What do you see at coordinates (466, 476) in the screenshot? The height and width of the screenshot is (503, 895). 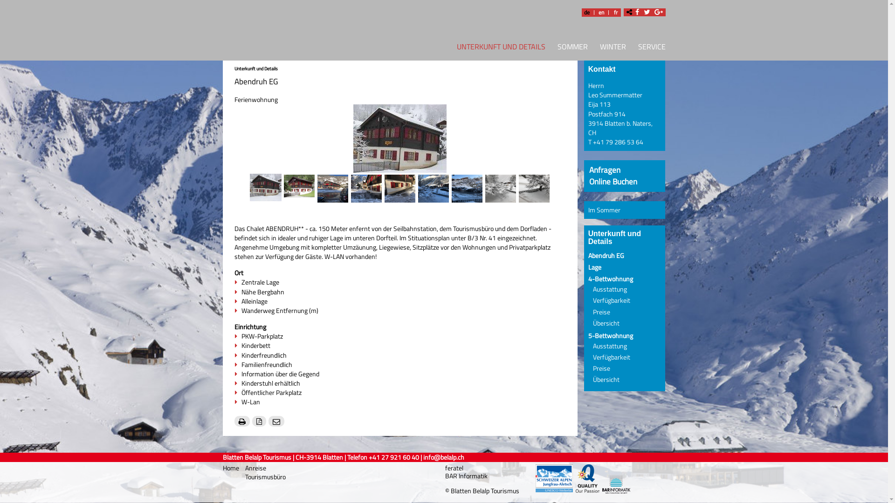 I see `'BAR Informatik'` at bounding box center [466, 476].